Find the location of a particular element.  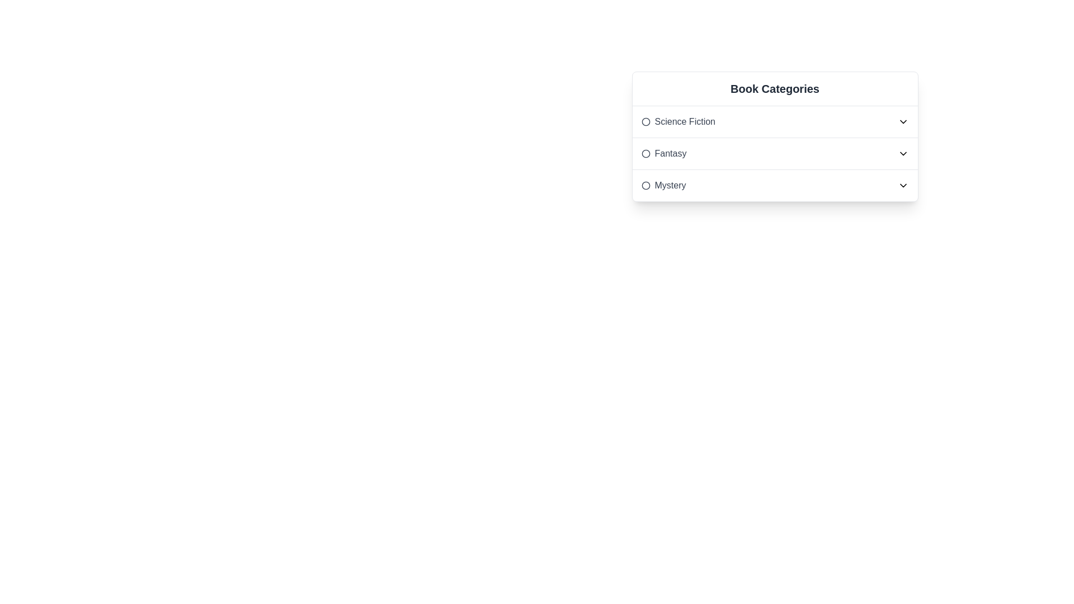

the Circular selection indicator located within the 'Book Categories' section, adjacent to the 'Science Fiction' text is located at coordinates (646, 122).